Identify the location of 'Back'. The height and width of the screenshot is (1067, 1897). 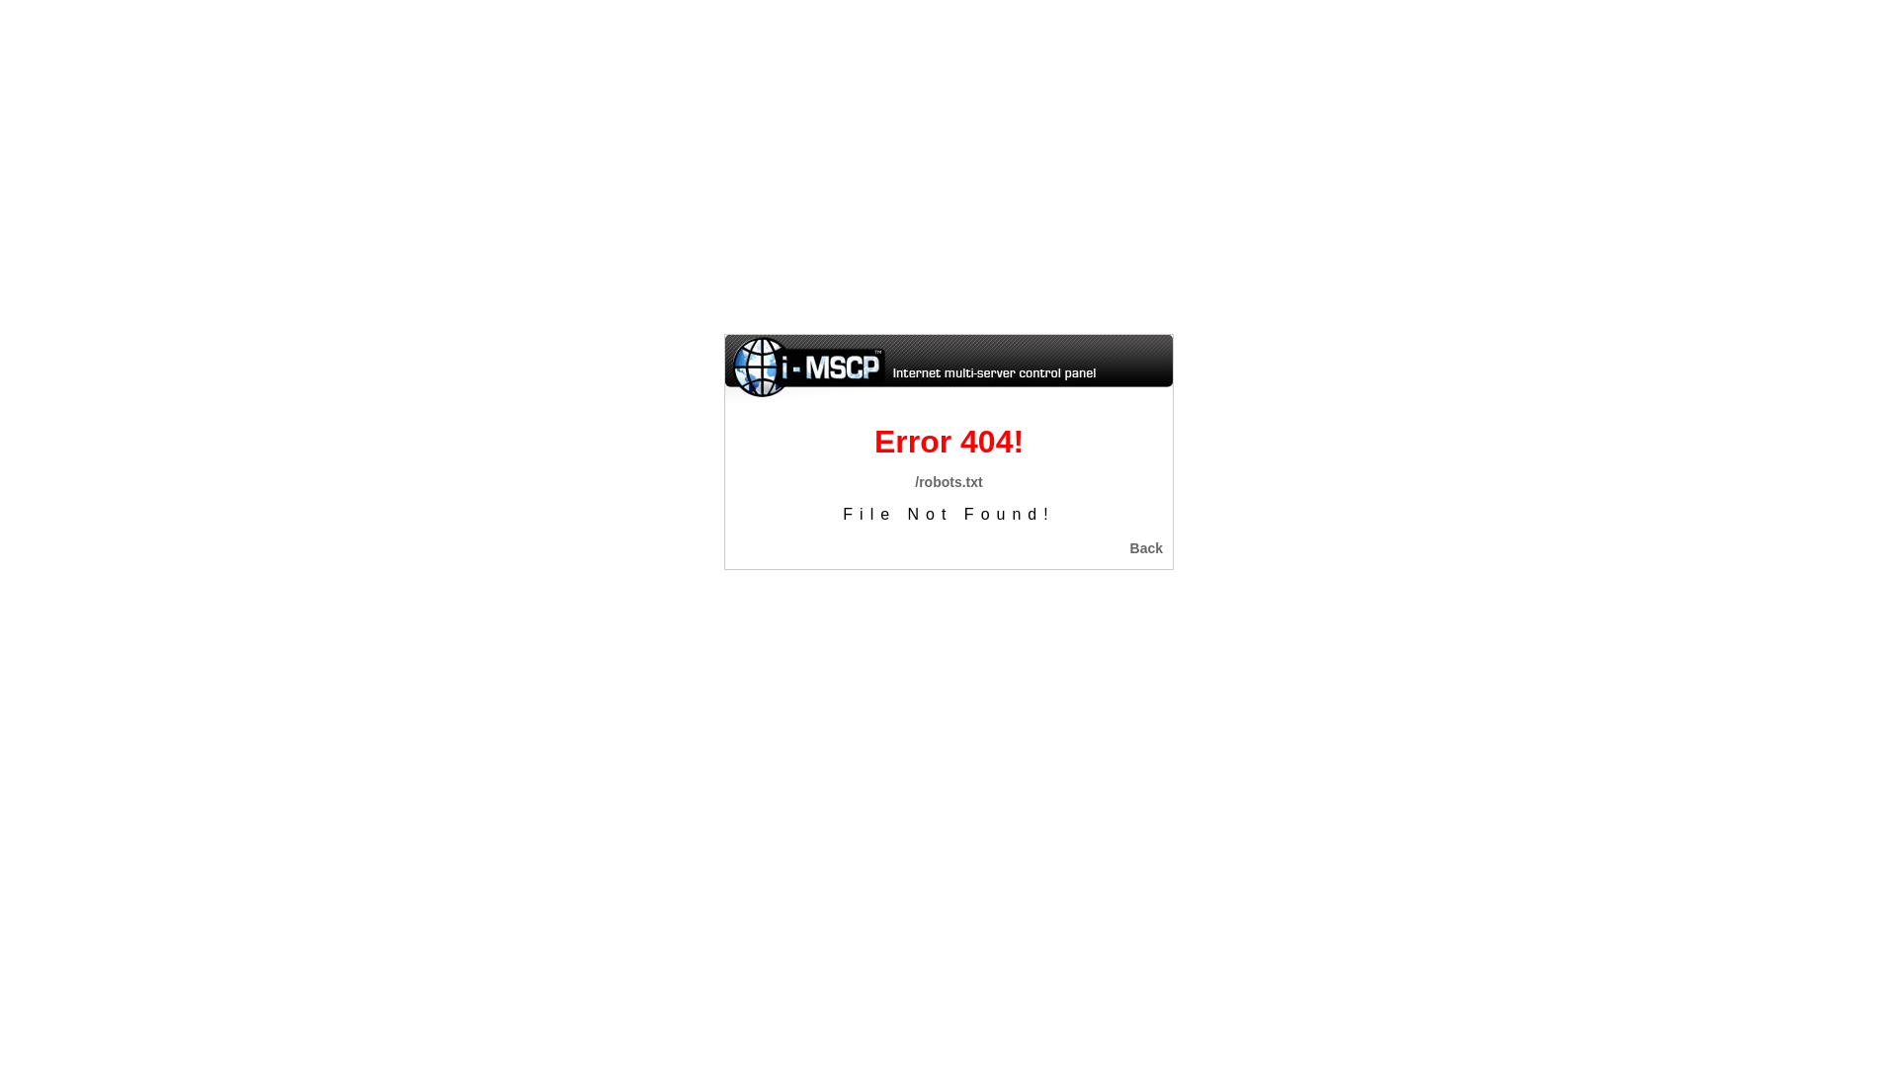
(1146, 548).